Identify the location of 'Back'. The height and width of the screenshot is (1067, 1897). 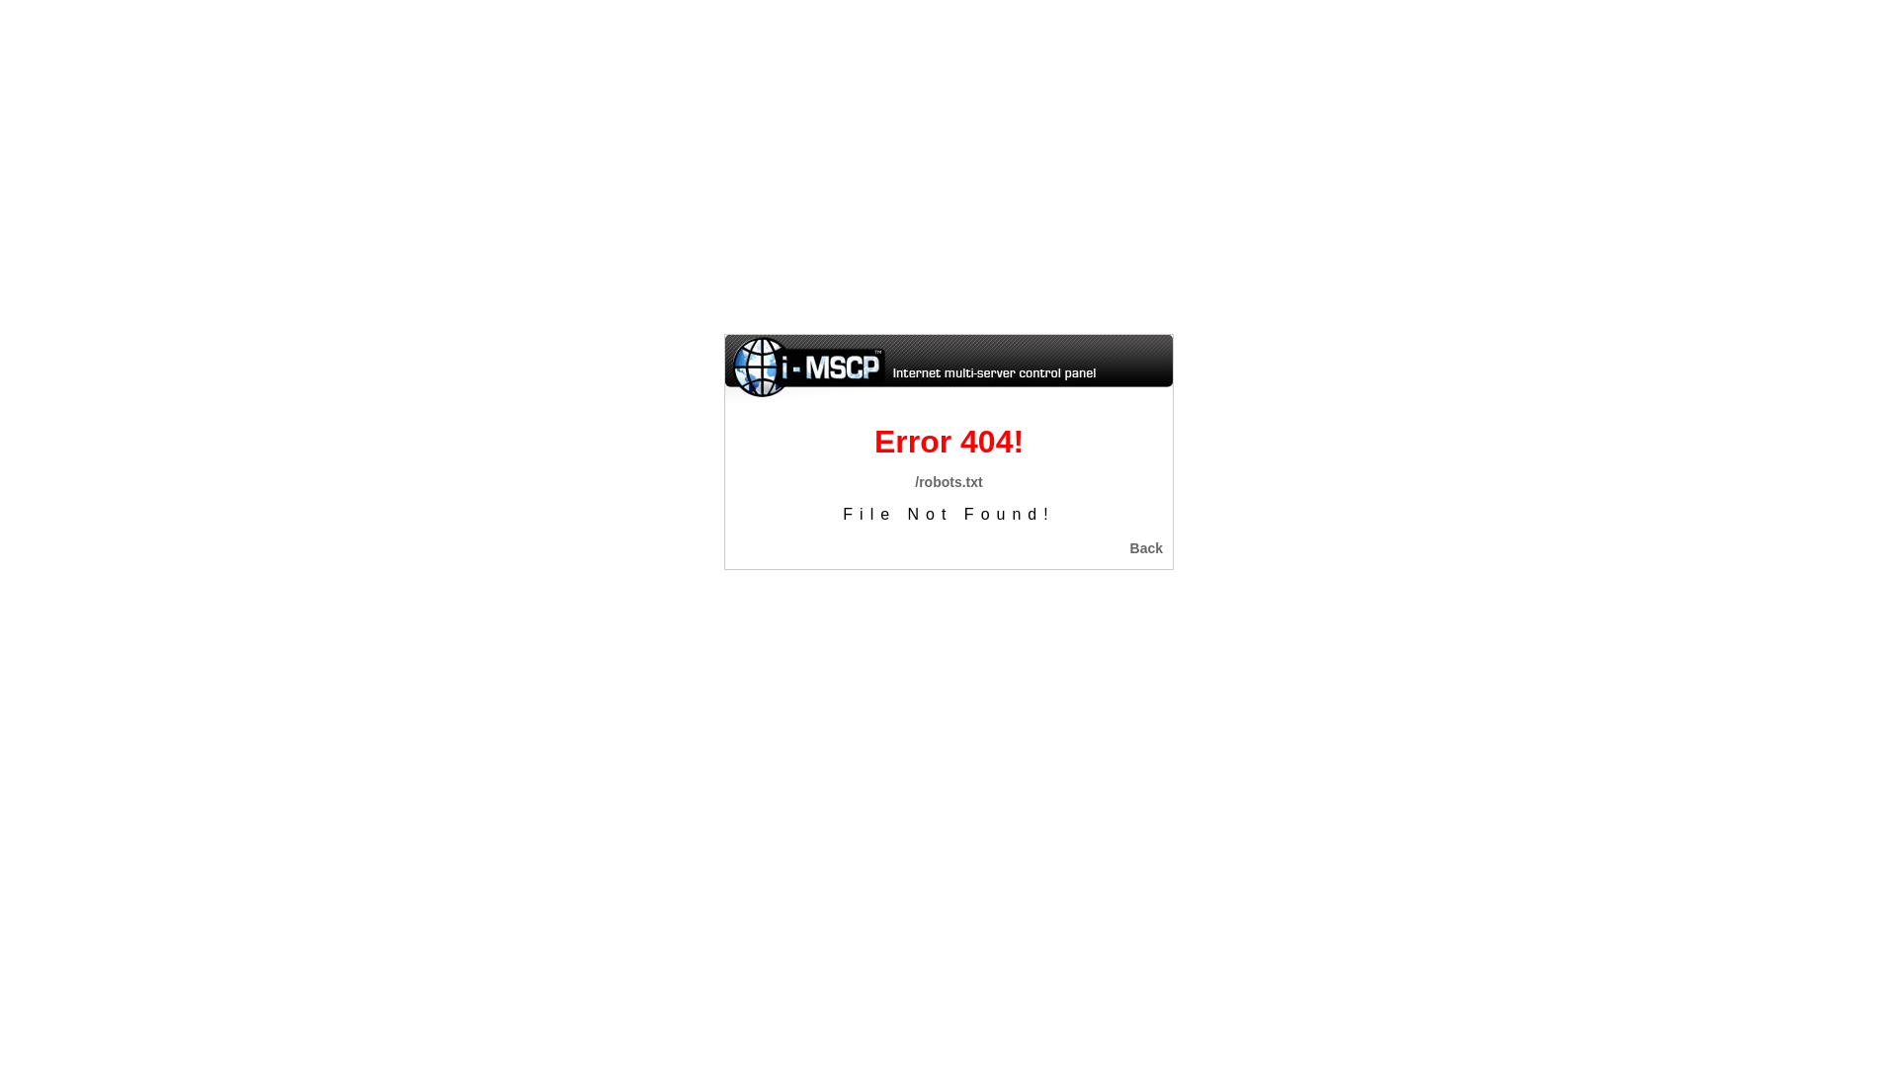
(1146, 548).